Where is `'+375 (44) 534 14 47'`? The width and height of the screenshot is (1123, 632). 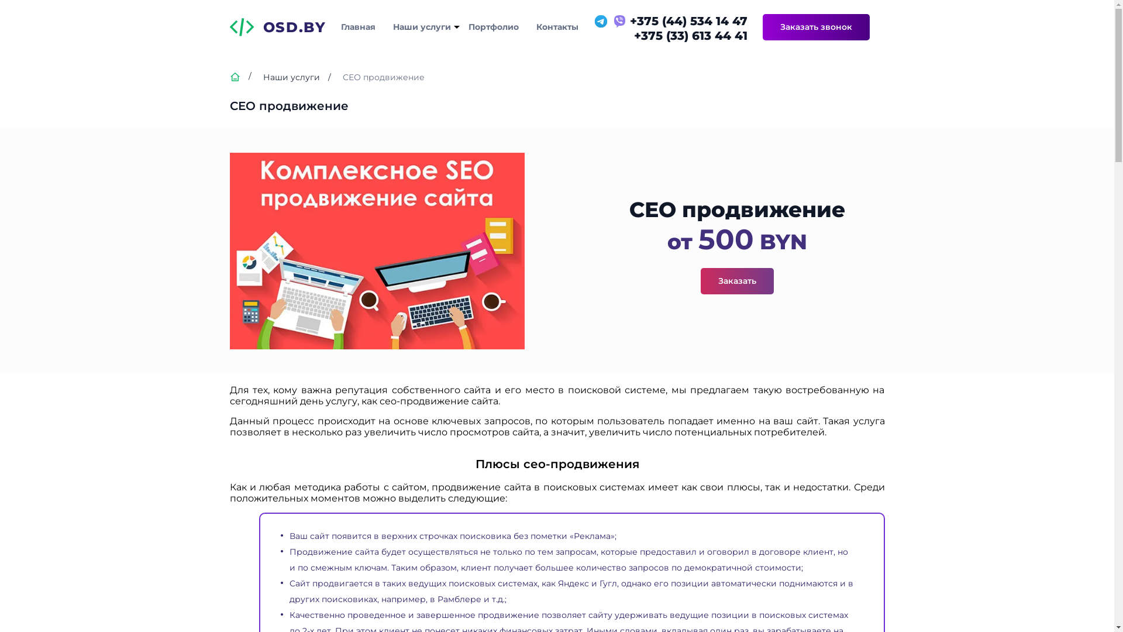
'+375 (44) 534 14 47' is located at coordinates (670, 21).